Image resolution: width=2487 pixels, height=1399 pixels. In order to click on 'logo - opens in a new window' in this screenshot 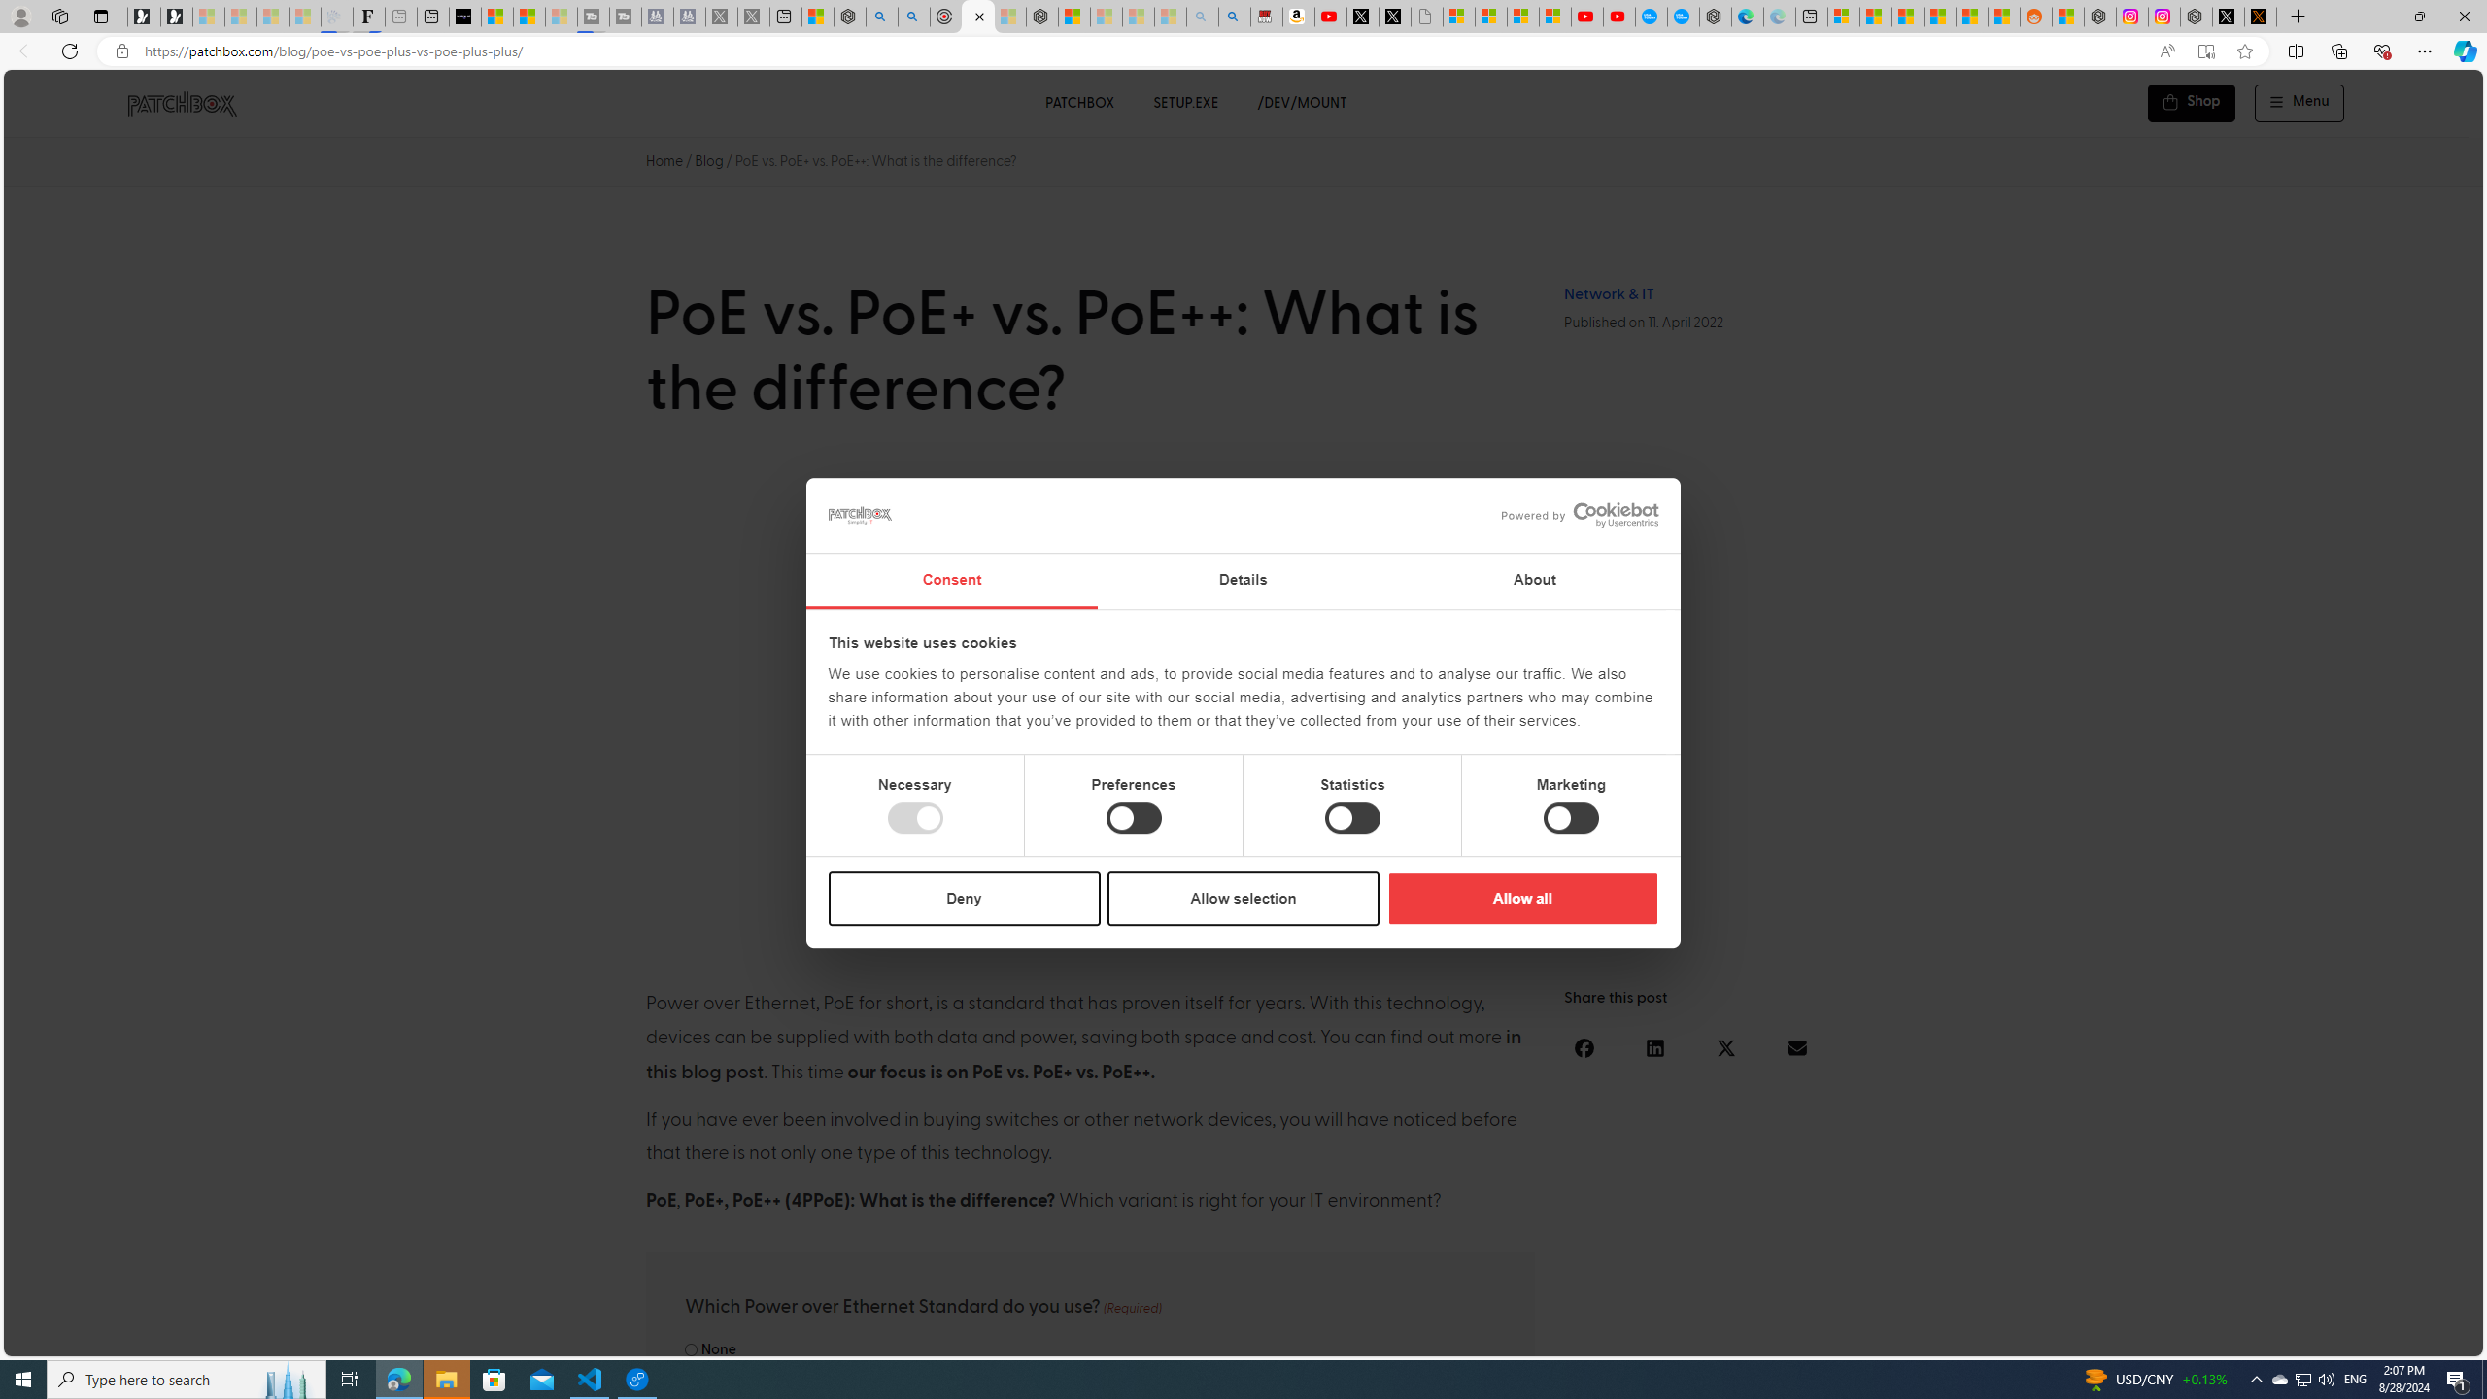, I will do `click(1572, 514)`.